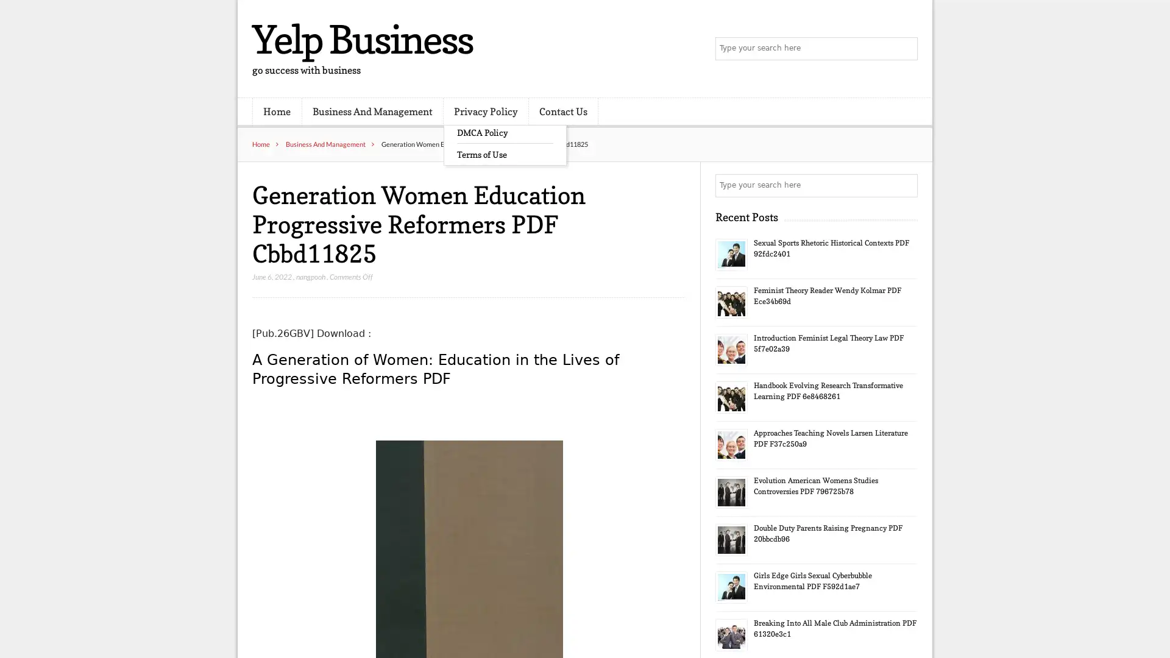 The height and width of the screenshot is (658, 1170). Describe the element at coordinates (905, 49) in the screenshot. I see `Search` at that location.